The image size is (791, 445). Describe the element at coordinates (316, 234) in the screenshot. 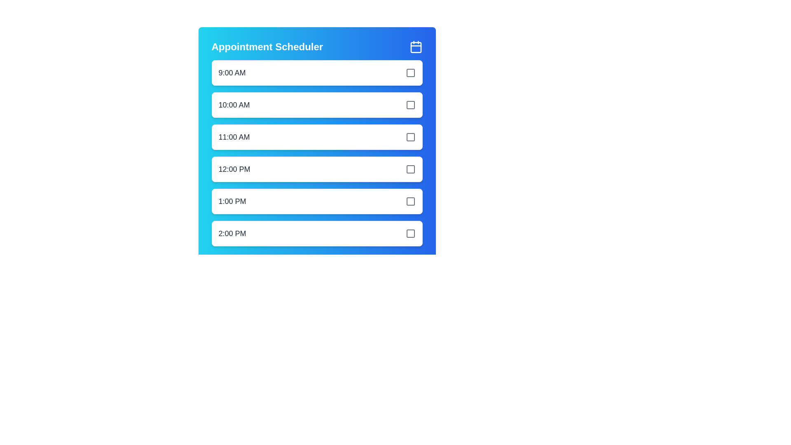

I see `the time slot 2:00 PM by clicking on its corresponding interactive element` at that location.